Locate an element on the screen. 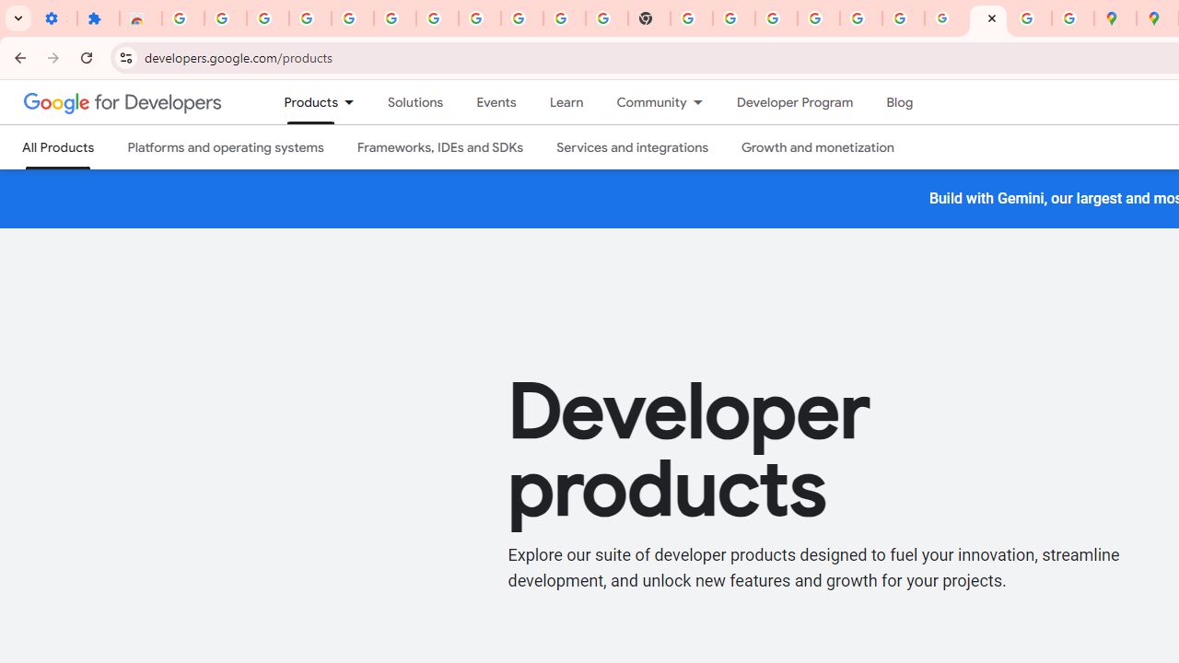 Image resolution: width=1179 pixels, height=663 pixels. 'Growth and monetization' is located at coordinates (817, 146).